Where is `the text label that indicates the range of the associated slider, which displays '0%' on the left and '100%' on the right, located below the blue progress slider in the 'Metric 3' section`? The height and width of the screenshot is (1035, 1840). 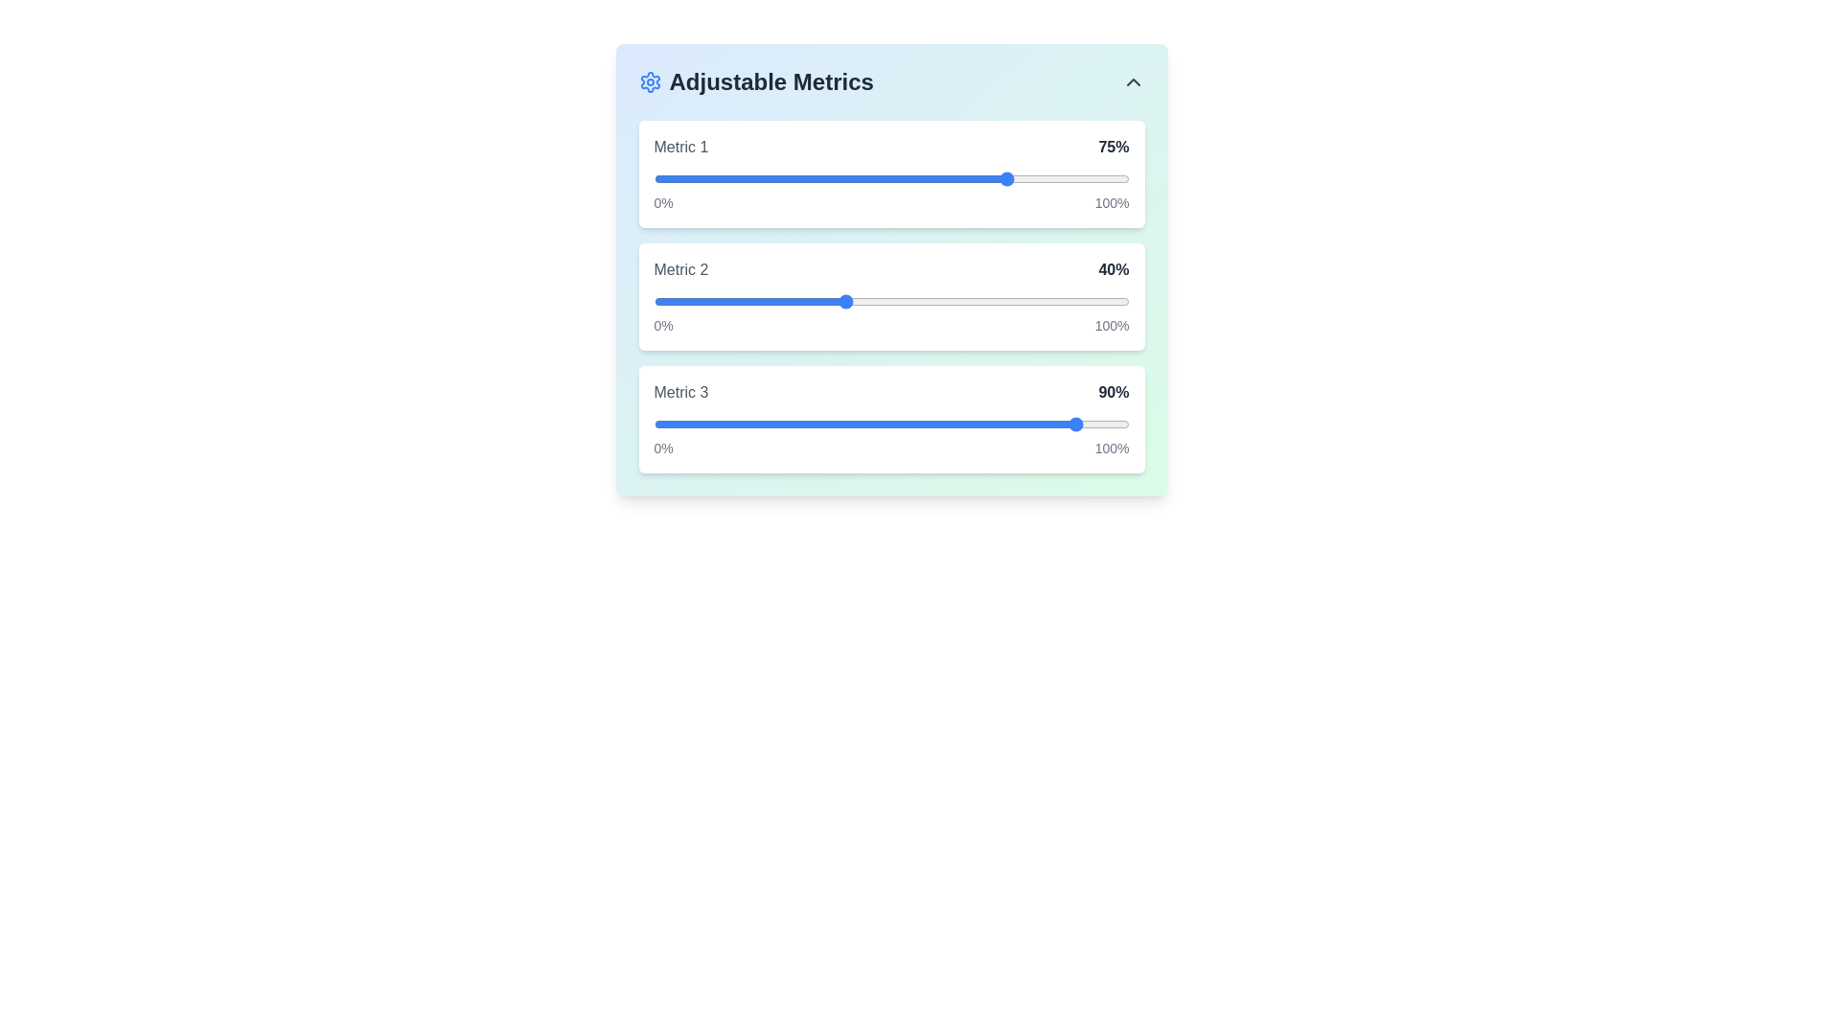
the text label that indicates the range of the associated slider, which displays '0%' on the left and '100%' on the right, located below the blue progress slider in the 'Metric 3' section is located at coordinates (890, 448).